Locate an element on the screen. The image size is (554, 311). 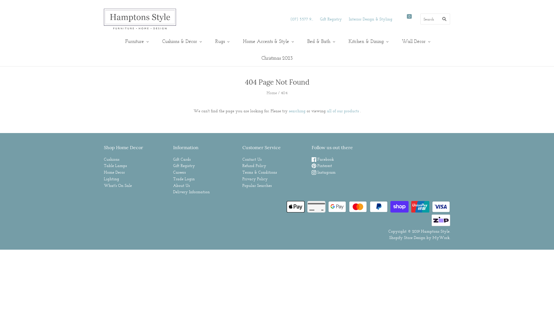
'Bed & Bath' is located at coordinates (320, 41).